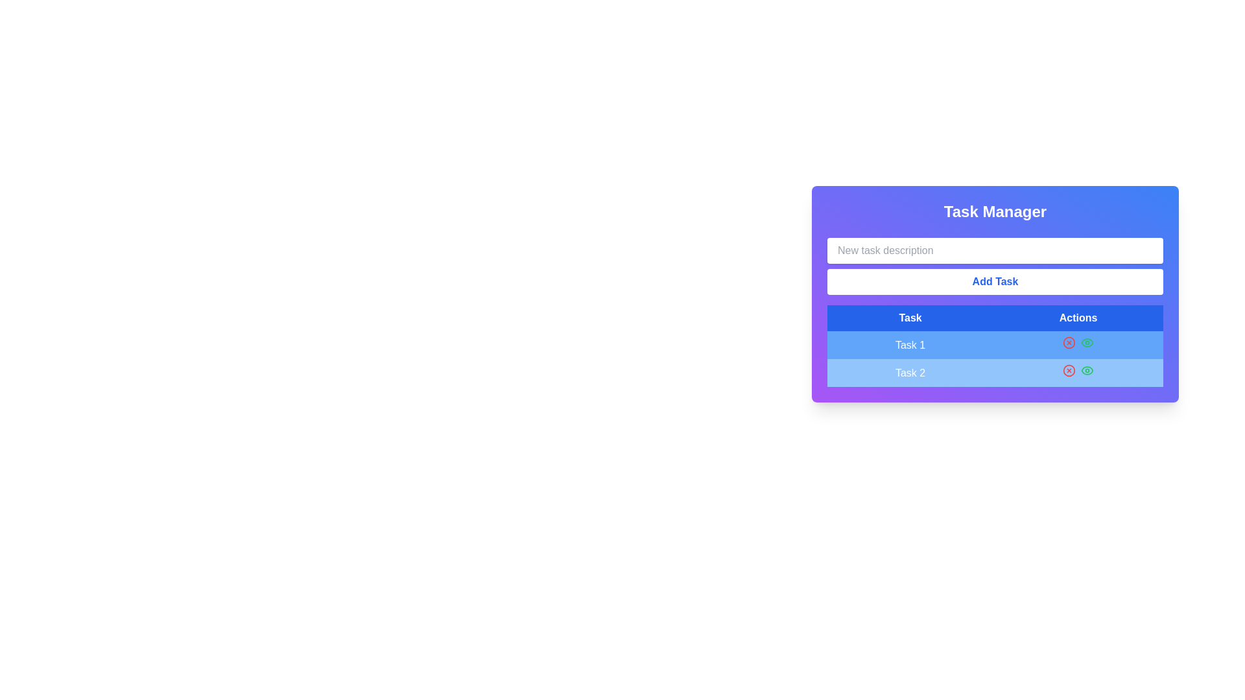  Describe the element at coordinates (1078, 373) in the screenshot. I see `the green circular visibility icon located in the 'Actions' column of the table, specifically in the row for 'Task 2'` at that location.